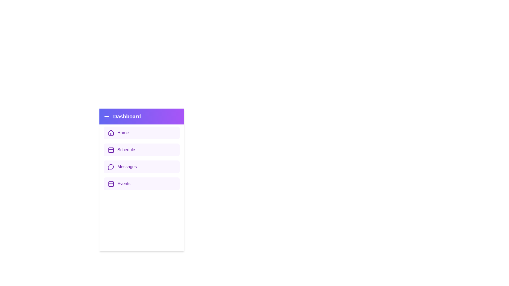  Describe the element at coordinates (142, 166) in the screenshot. I see `the menu item labeled Messages` at that location.